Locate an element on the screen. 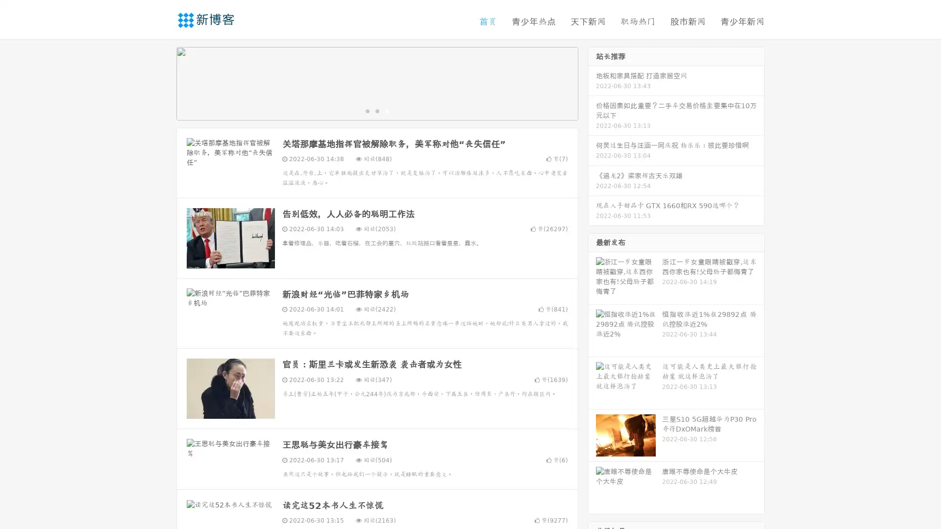 The image size is (941, 529). Go to slide 2 is located at coordinates (376, 110).